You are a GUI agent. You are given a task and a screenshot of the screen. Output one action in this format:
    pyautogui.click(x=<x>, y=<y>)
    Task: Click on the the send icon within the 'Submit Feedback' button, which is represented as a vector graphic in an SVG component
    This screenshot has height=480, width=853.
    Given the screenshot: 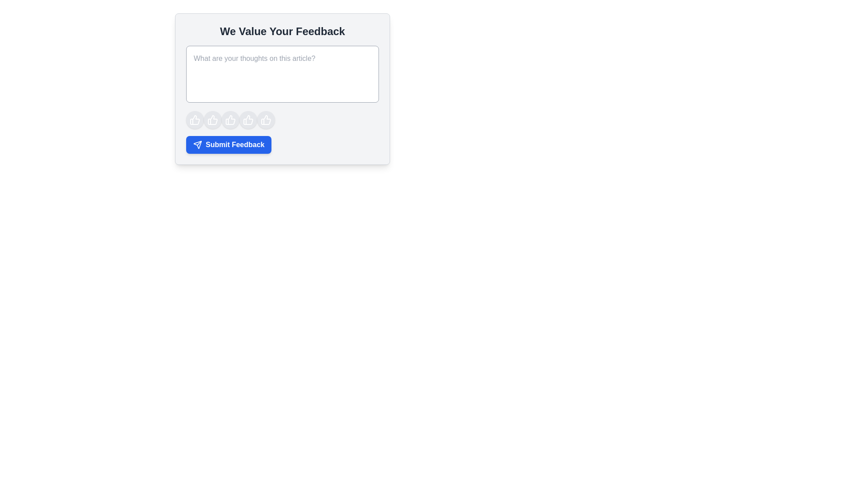 What is the action you would take?
    pyautogui.click(x=197, y=144)
    